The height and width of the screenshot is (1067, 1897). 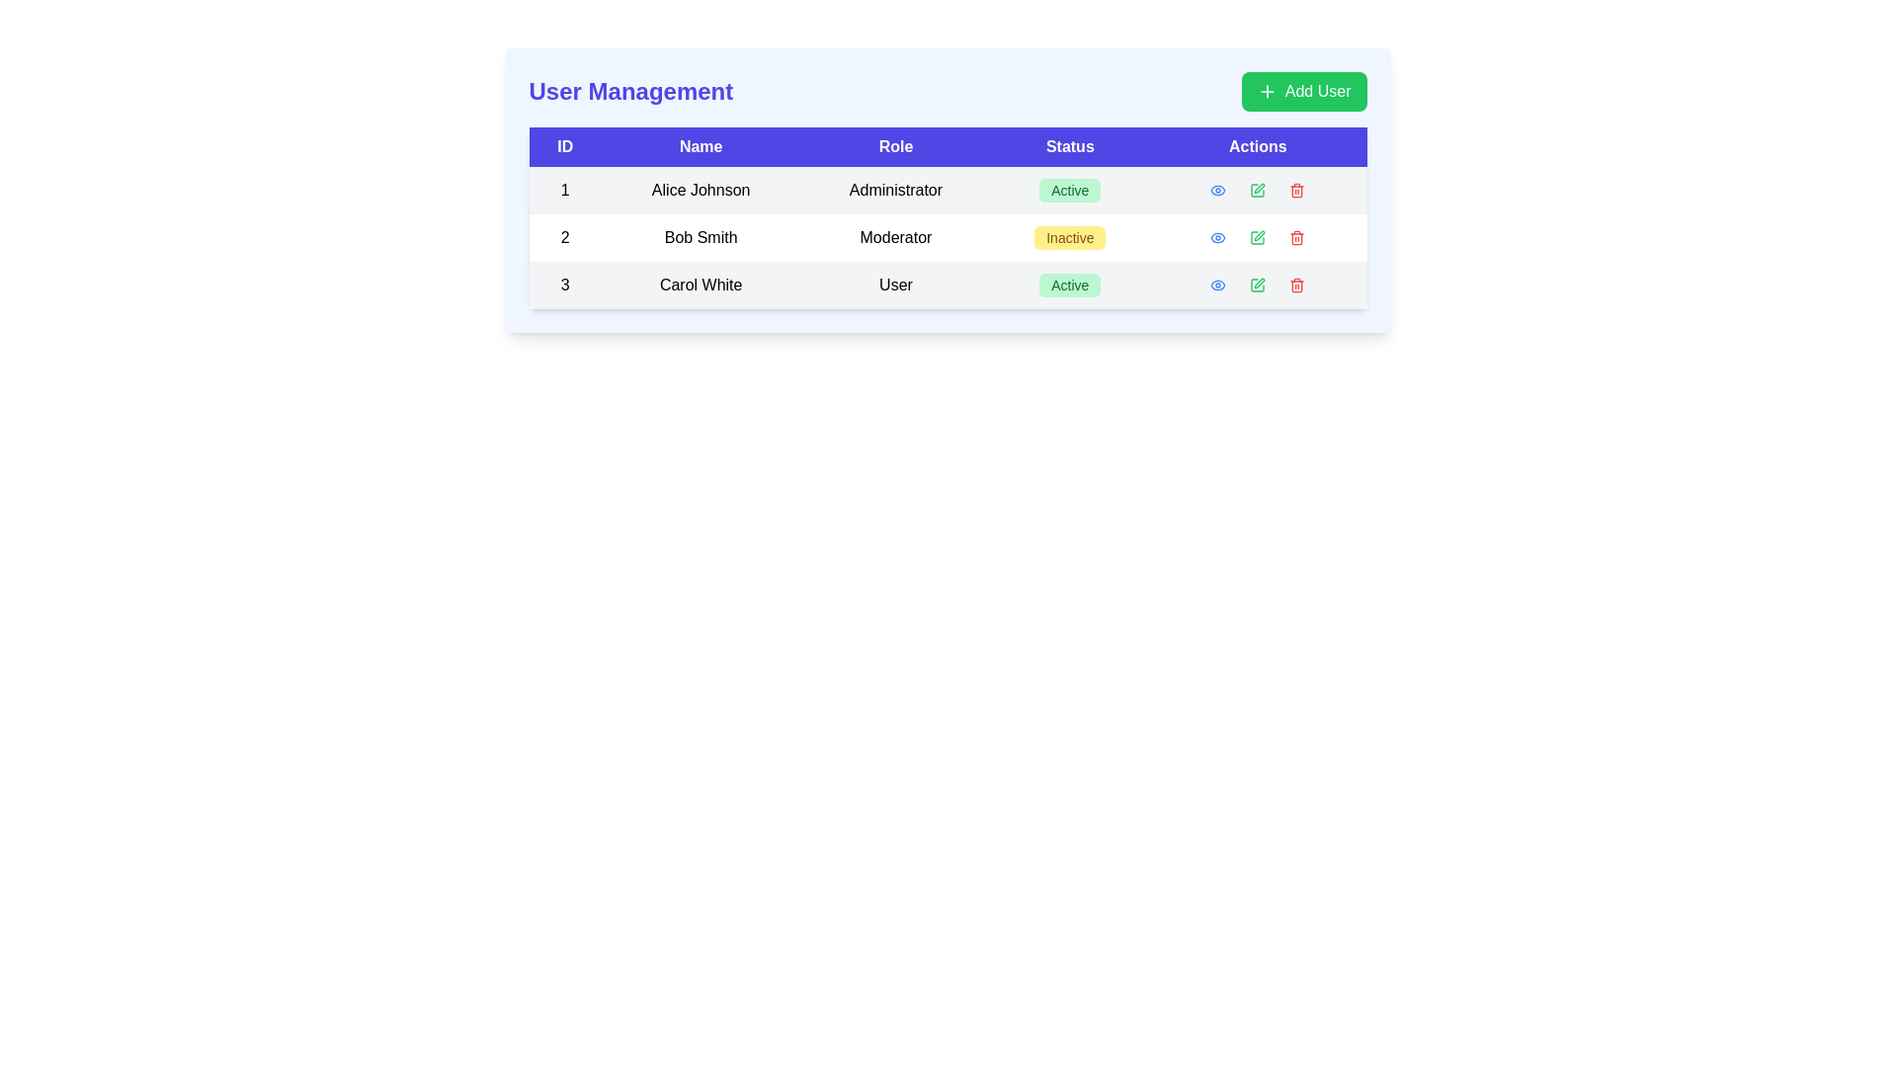 What do you see at coordinates (1297, 236) in the screenshot?
I see `the red-colored trash bin icon button located in the actions cell of the second row of the user management interface to bring focus` at bounding box center [1297, 236].